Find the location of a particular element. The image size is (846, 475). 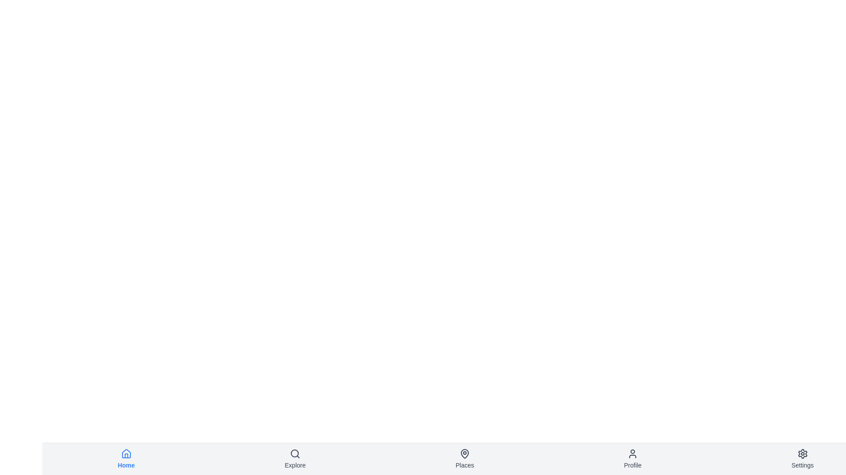

the navigation item labeled Profile to observe its hover effect is located at coordinates (632, 459).